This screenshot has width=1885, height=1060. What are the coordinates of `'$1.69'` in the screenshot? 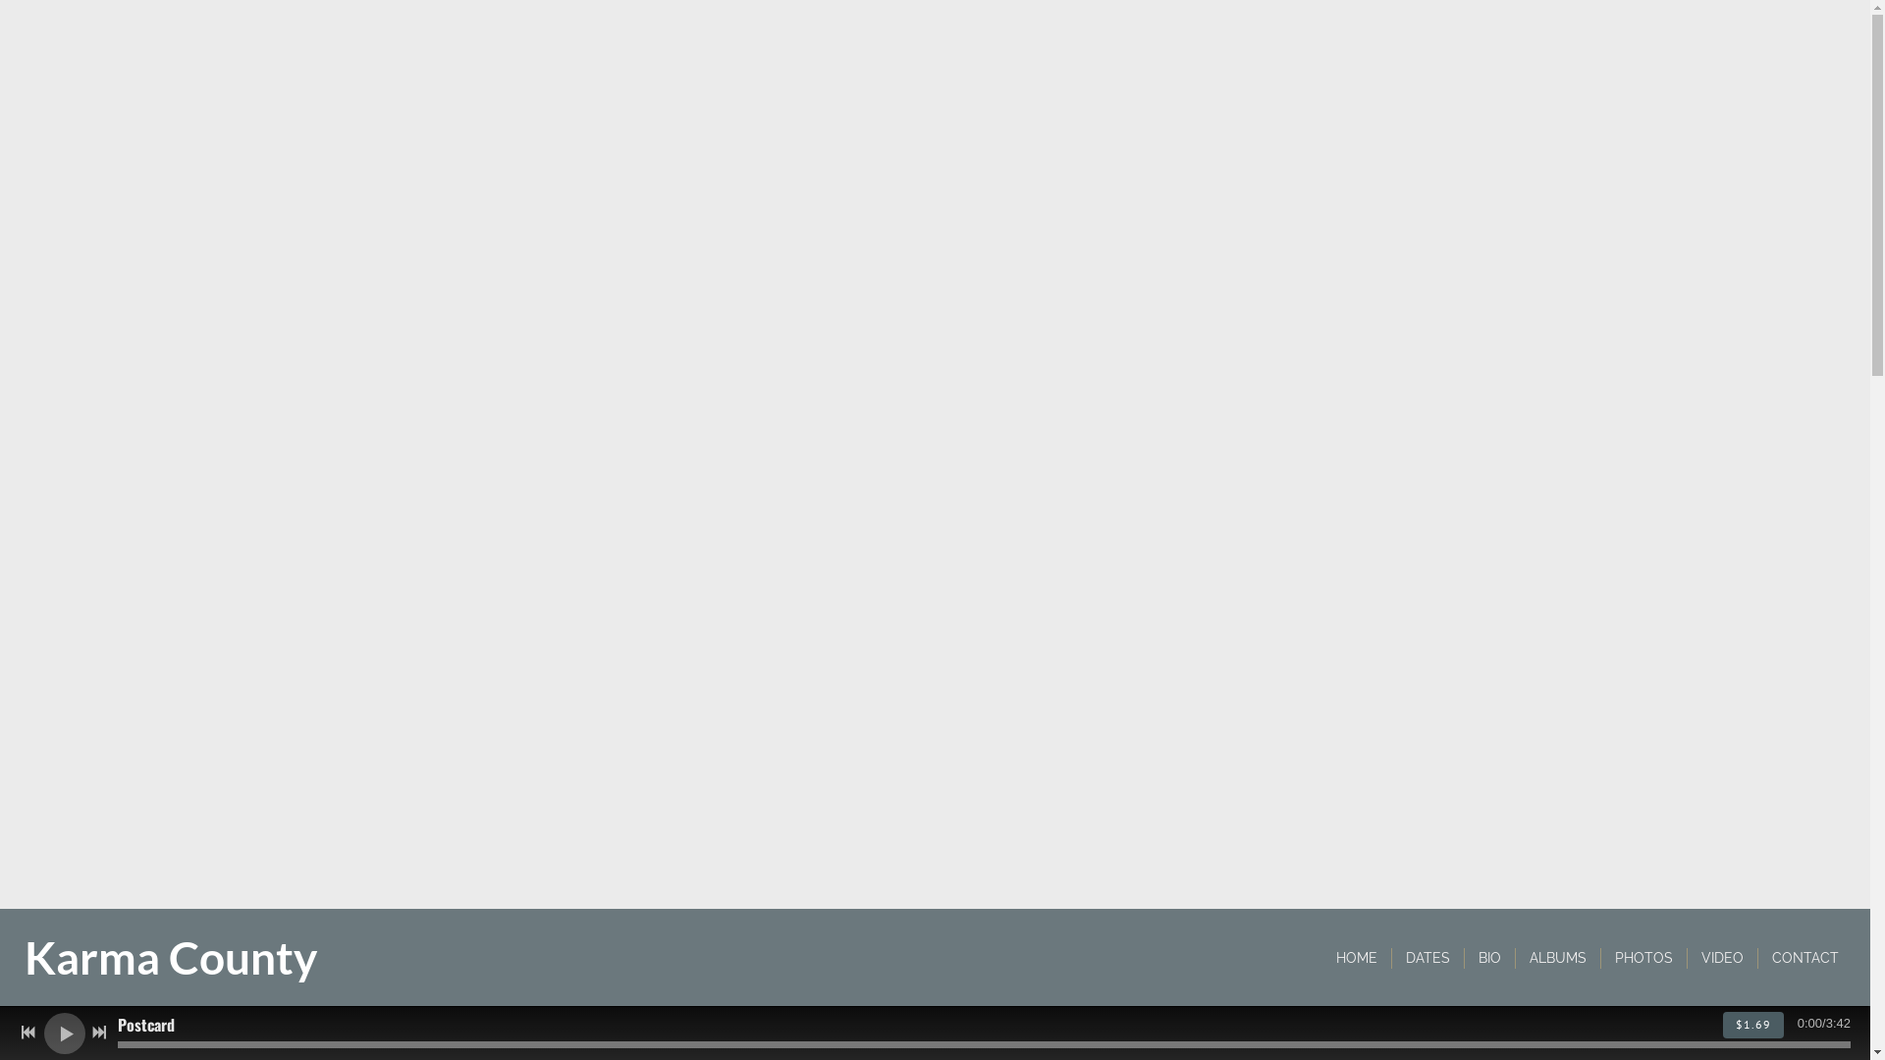 It's located at (1752, 1024).